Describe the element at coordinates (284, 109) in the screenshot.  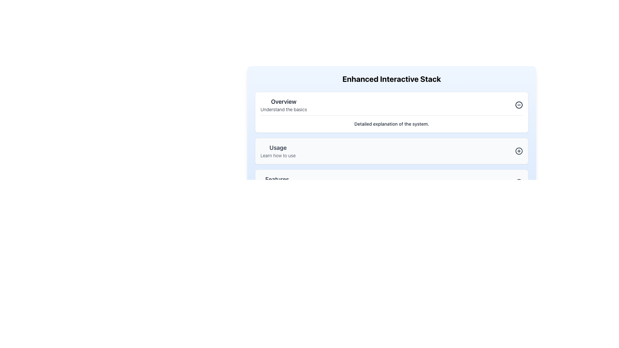
I see `the static text label 'Understand the basics' located below the 'Overview' header, which serves as a descriptive subtext within the grouped section` at that location.